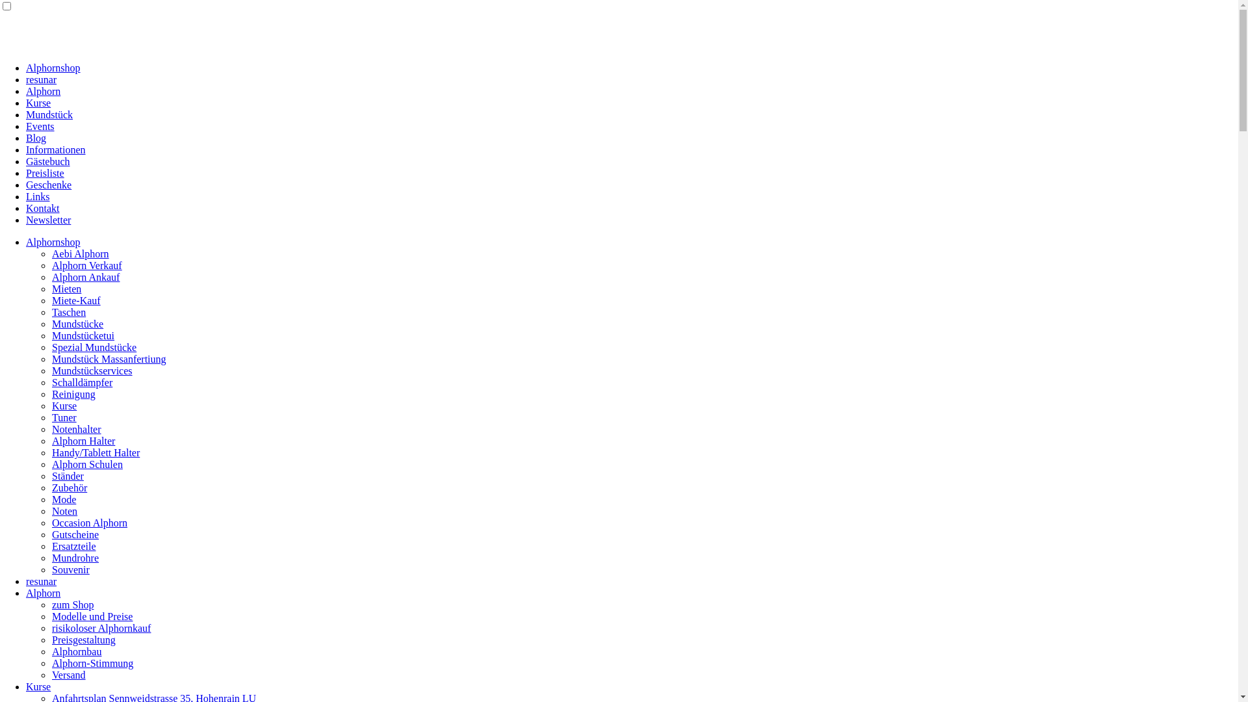 This screenshot has width=1248, height=702. What do you see at coordinates (101, 627) in the screenshot?
I see `'risikoloser Alphornkauf'` at bounding box center [101, 627].